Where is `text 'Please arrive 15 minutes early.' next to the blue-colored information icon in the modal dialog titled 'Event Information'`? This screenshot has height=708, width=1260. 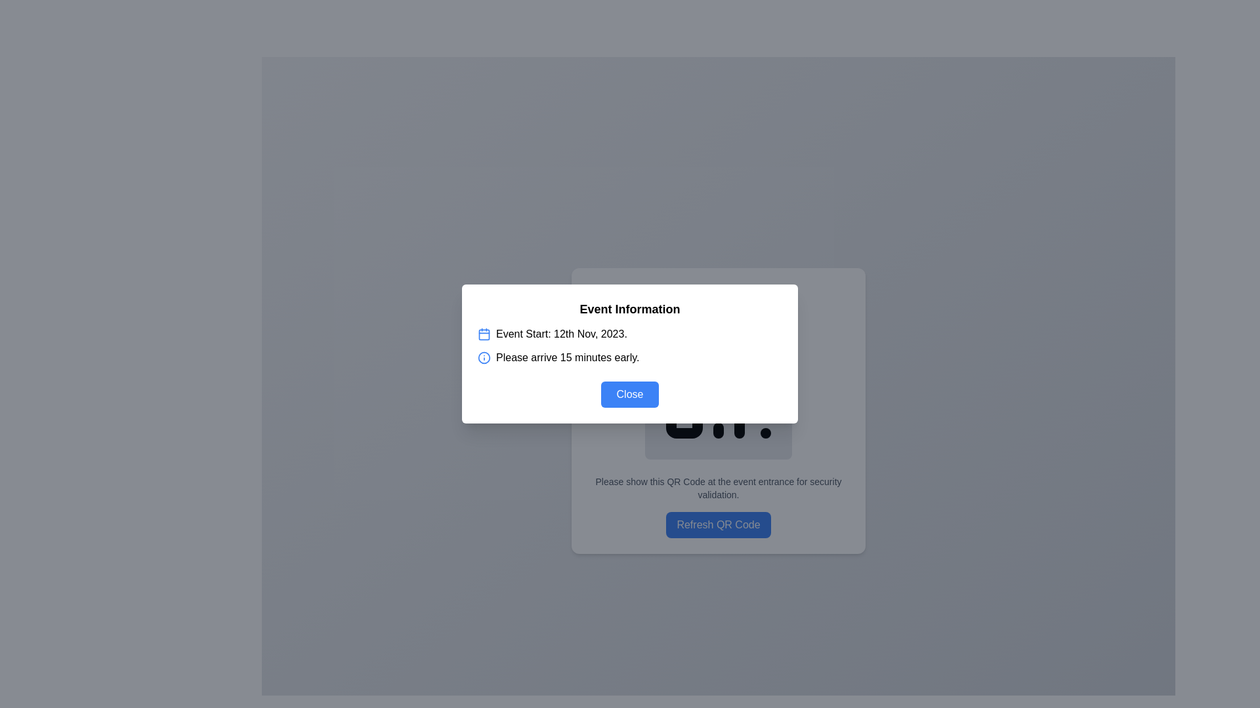 text 'Please arrive 15 minutes early.' next to the blue-colored information icon in the modal dialog titled 'Event Information' is located at coordinates (630, 358).